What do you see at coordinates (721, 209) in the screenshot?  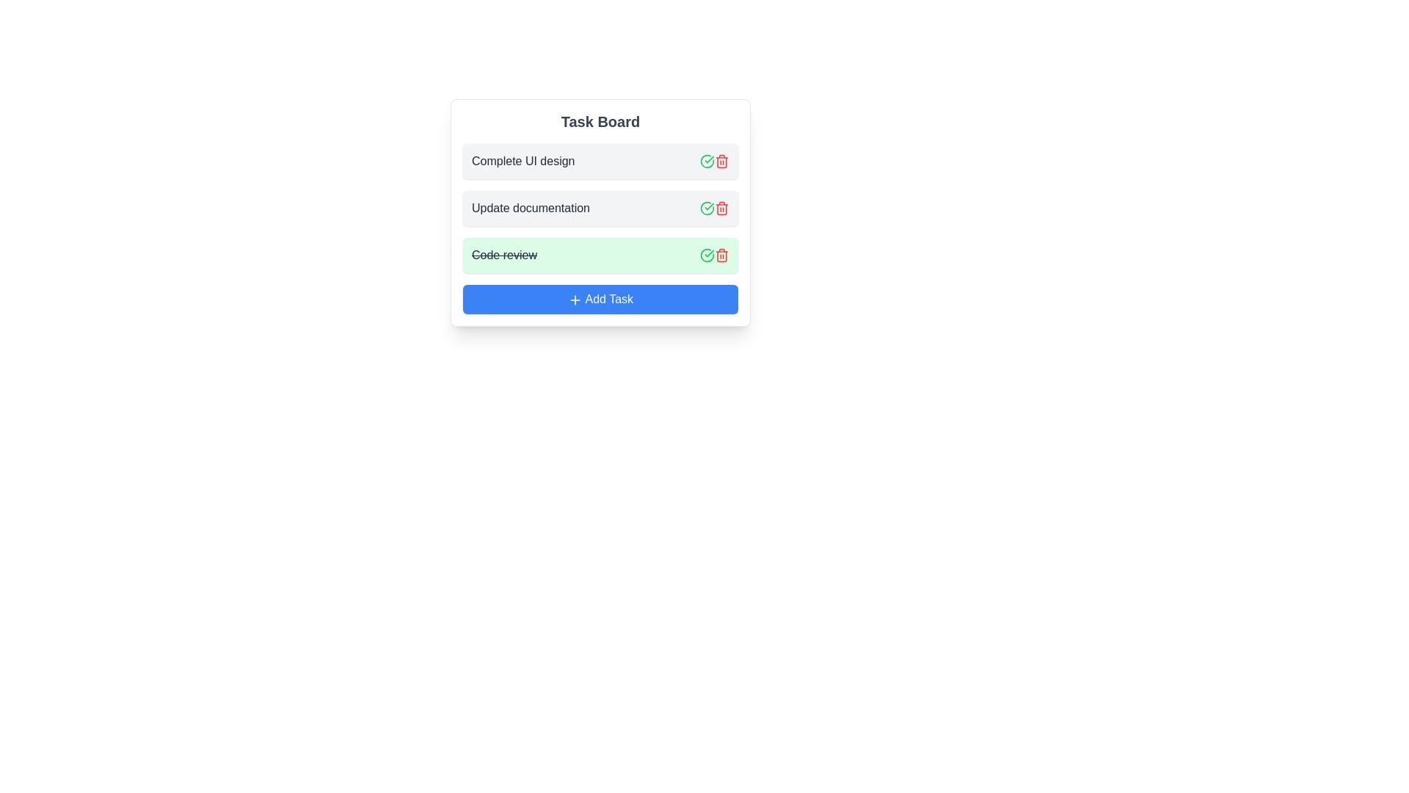 I see `the central part of the red-colored trash bin icon representing the delete action for the task 'Update documentation'` at bounding box center [721, 209].